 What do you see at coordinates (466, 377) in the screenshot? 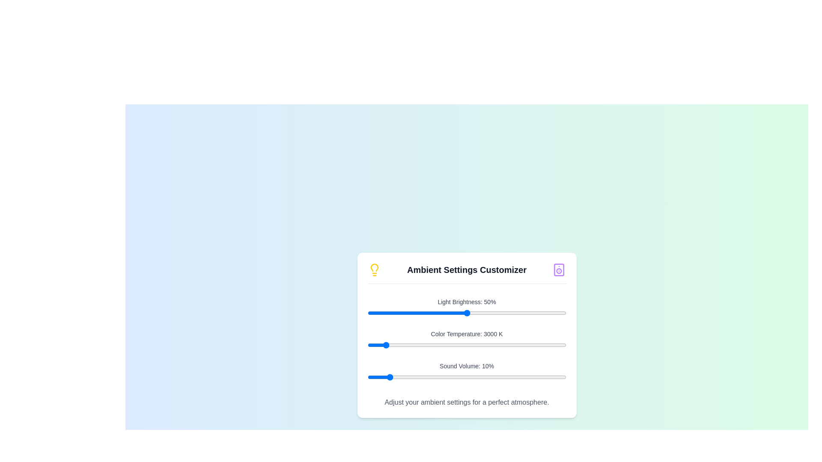
I see `the sound volume` at bounding box center [466, 377].